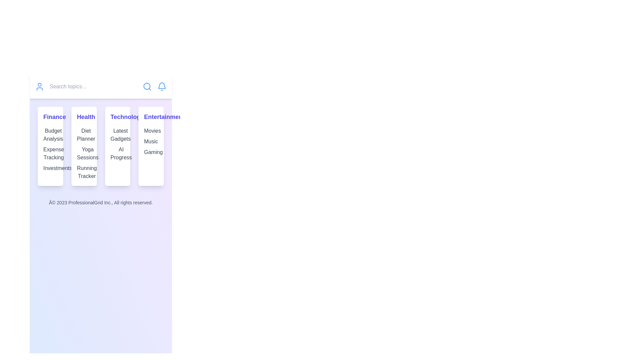  What do you see at coordinates (50, 168) in the screenshot?
I see `the 'Investments' navigational link located in the 'Finance' section` at bounding box center [50, 168].